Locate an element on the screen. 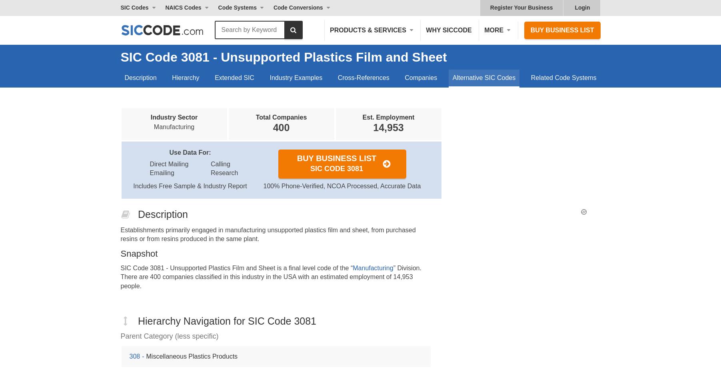 The height and width of the screenshot is (373, 721). 'Why SICCODE' is located at coordinates (449, 30).